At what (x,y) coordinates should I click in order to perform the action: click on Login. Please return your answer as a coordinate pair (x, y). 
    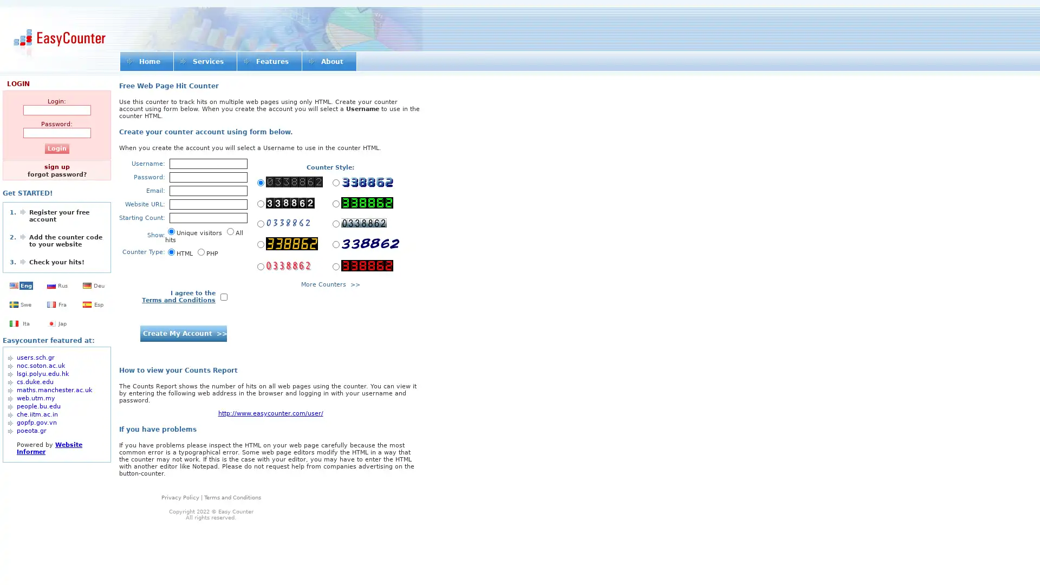
    Looking at the image, I should click on (56, 148).